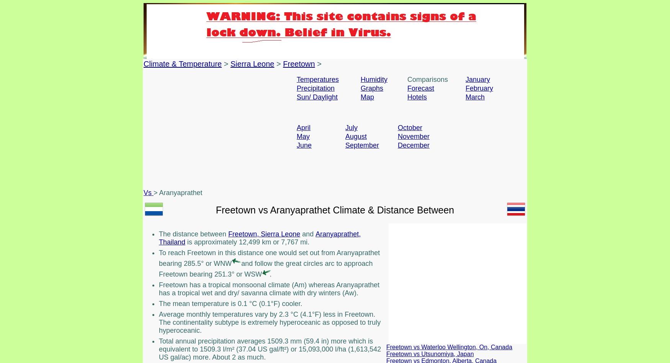  I want to click on 'is approximately 12,499 km or 7,767 mi.', so click(247, 241).